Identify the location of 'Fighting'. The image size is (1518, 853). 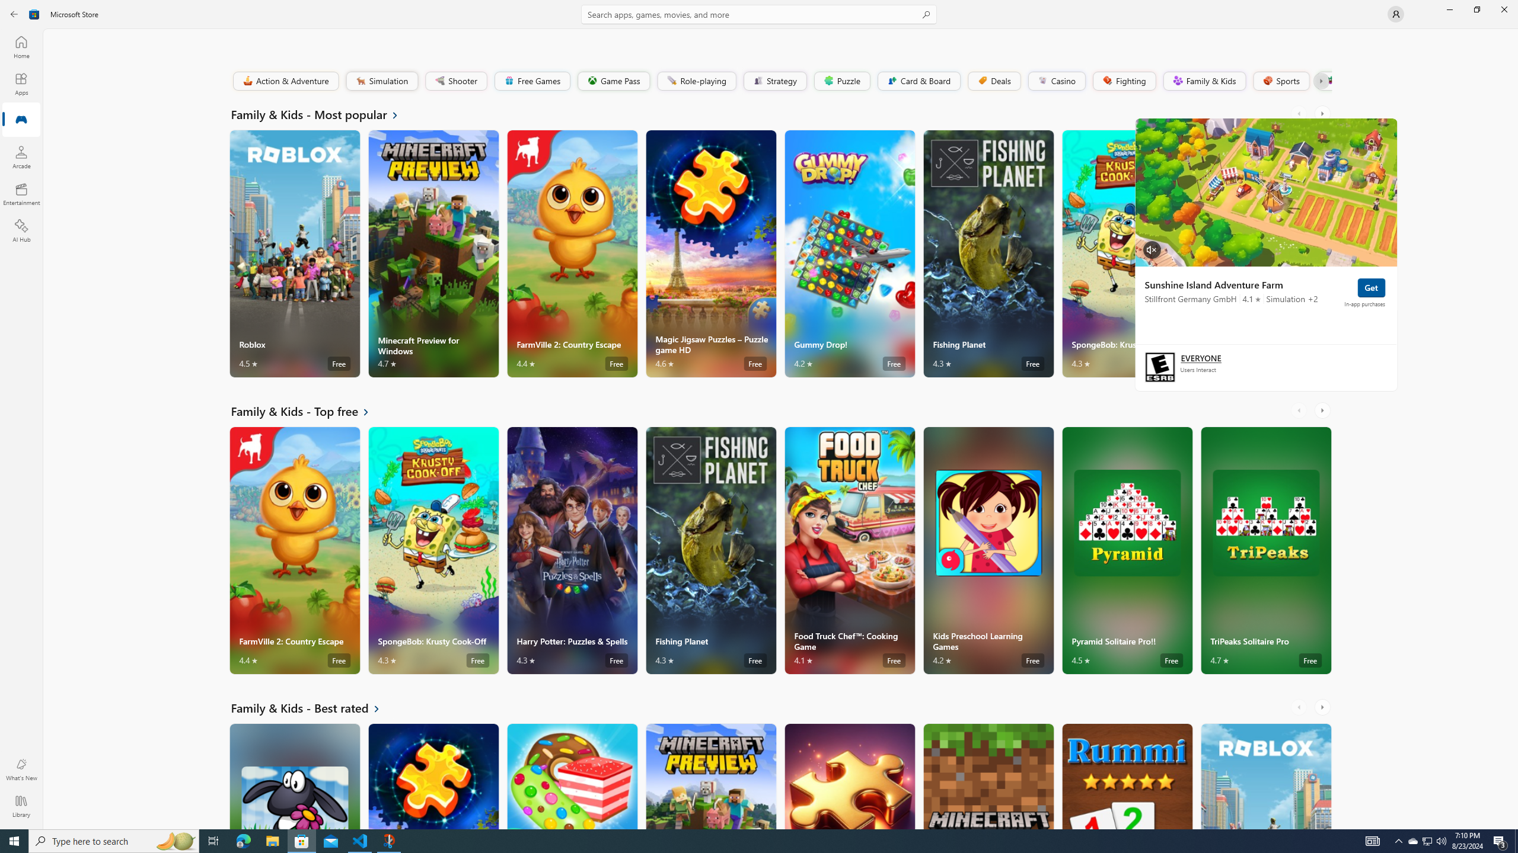
(1124, 80).